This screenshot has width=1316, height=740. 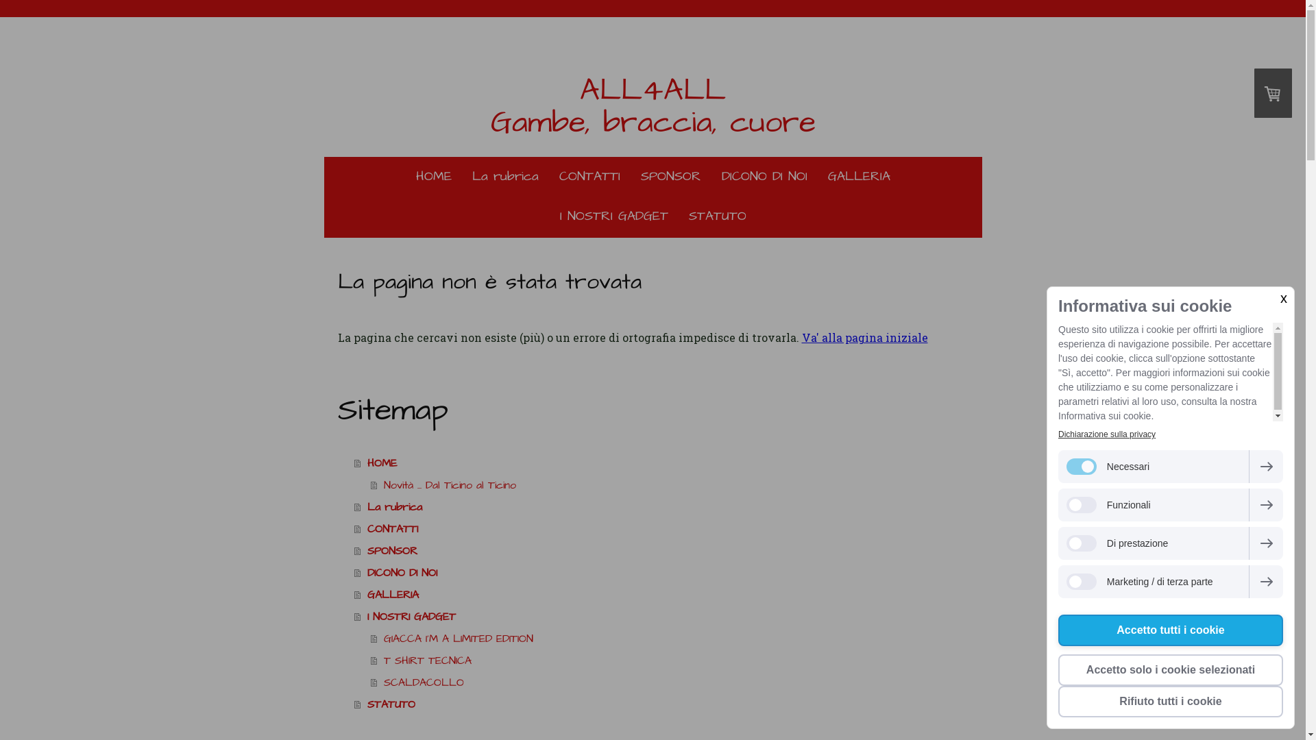 I want to click on 'SCALDACOLLO', so click(x=369, y=682).